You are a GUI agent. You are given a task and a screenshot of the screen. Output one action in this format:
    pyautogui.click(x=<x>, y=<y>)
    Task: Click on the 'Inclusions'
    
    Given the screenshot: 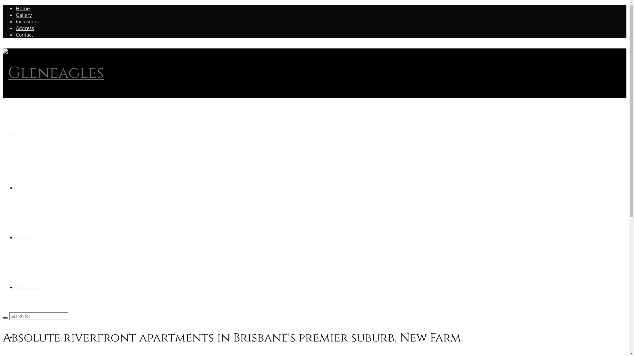 What is the action you would take?
    pyautogui.click(x=27, y=21)
    